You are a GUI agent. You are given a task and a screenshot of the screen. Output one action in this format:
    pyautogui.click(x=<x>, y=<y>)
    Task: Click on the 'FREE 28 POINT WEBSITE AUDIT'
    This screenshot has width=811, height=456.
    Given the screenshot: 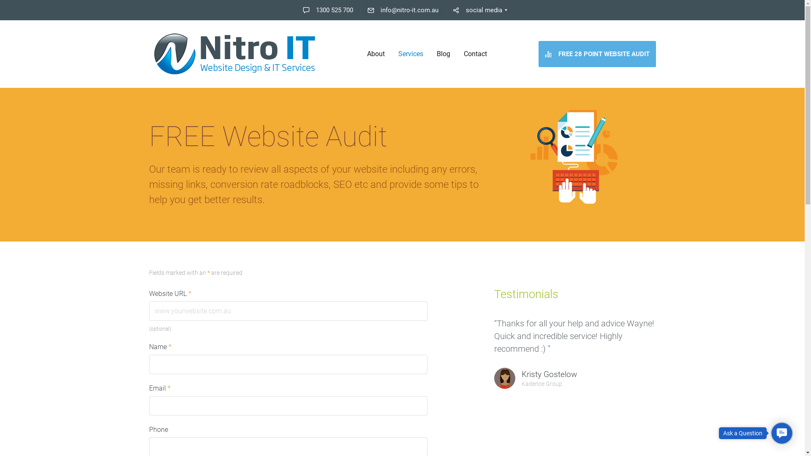 What is the action you would take?
    pyautogui.click(x=537, y=54)
    